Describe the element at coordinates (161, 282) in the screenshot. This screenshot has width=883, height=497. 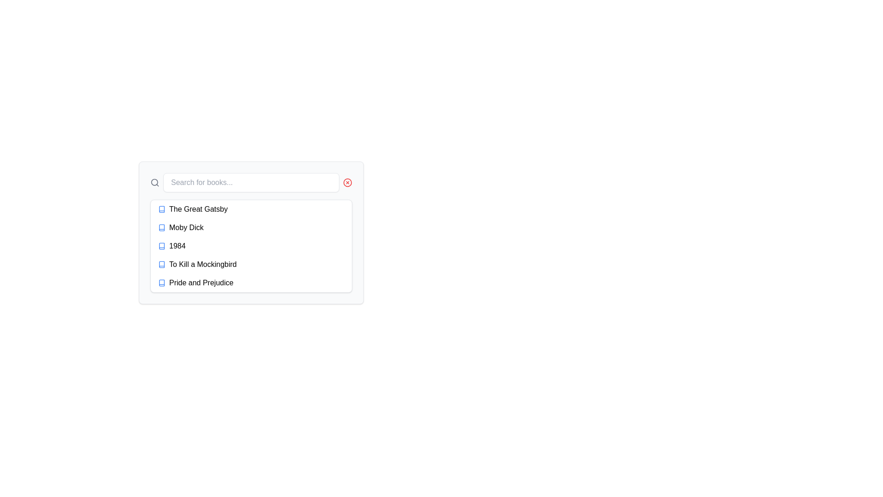
I see `the book icon representing 'Pride and Prejudice', located at the lower portion of the interface beside the text entry` at that location.